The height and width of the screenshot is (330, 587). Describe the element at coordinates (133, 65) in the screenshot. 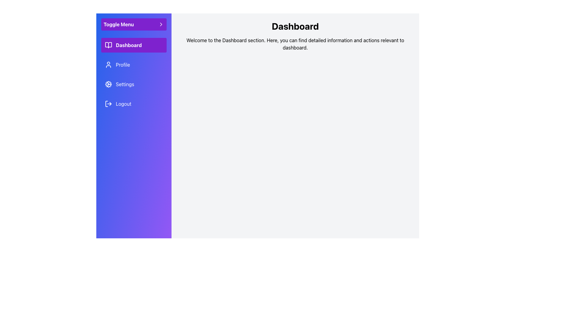

I see `the 'Profile' navigation menu item, which is the second item in the vertical sidebar list` at that location.